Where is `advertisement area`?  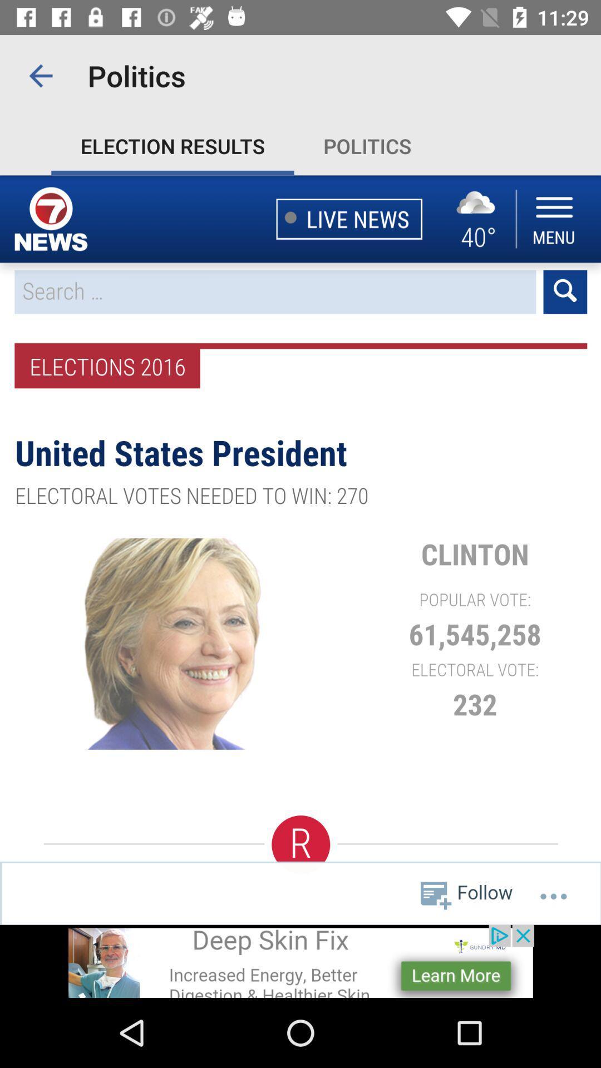 advertisement area is located at coordinates (300, 961).